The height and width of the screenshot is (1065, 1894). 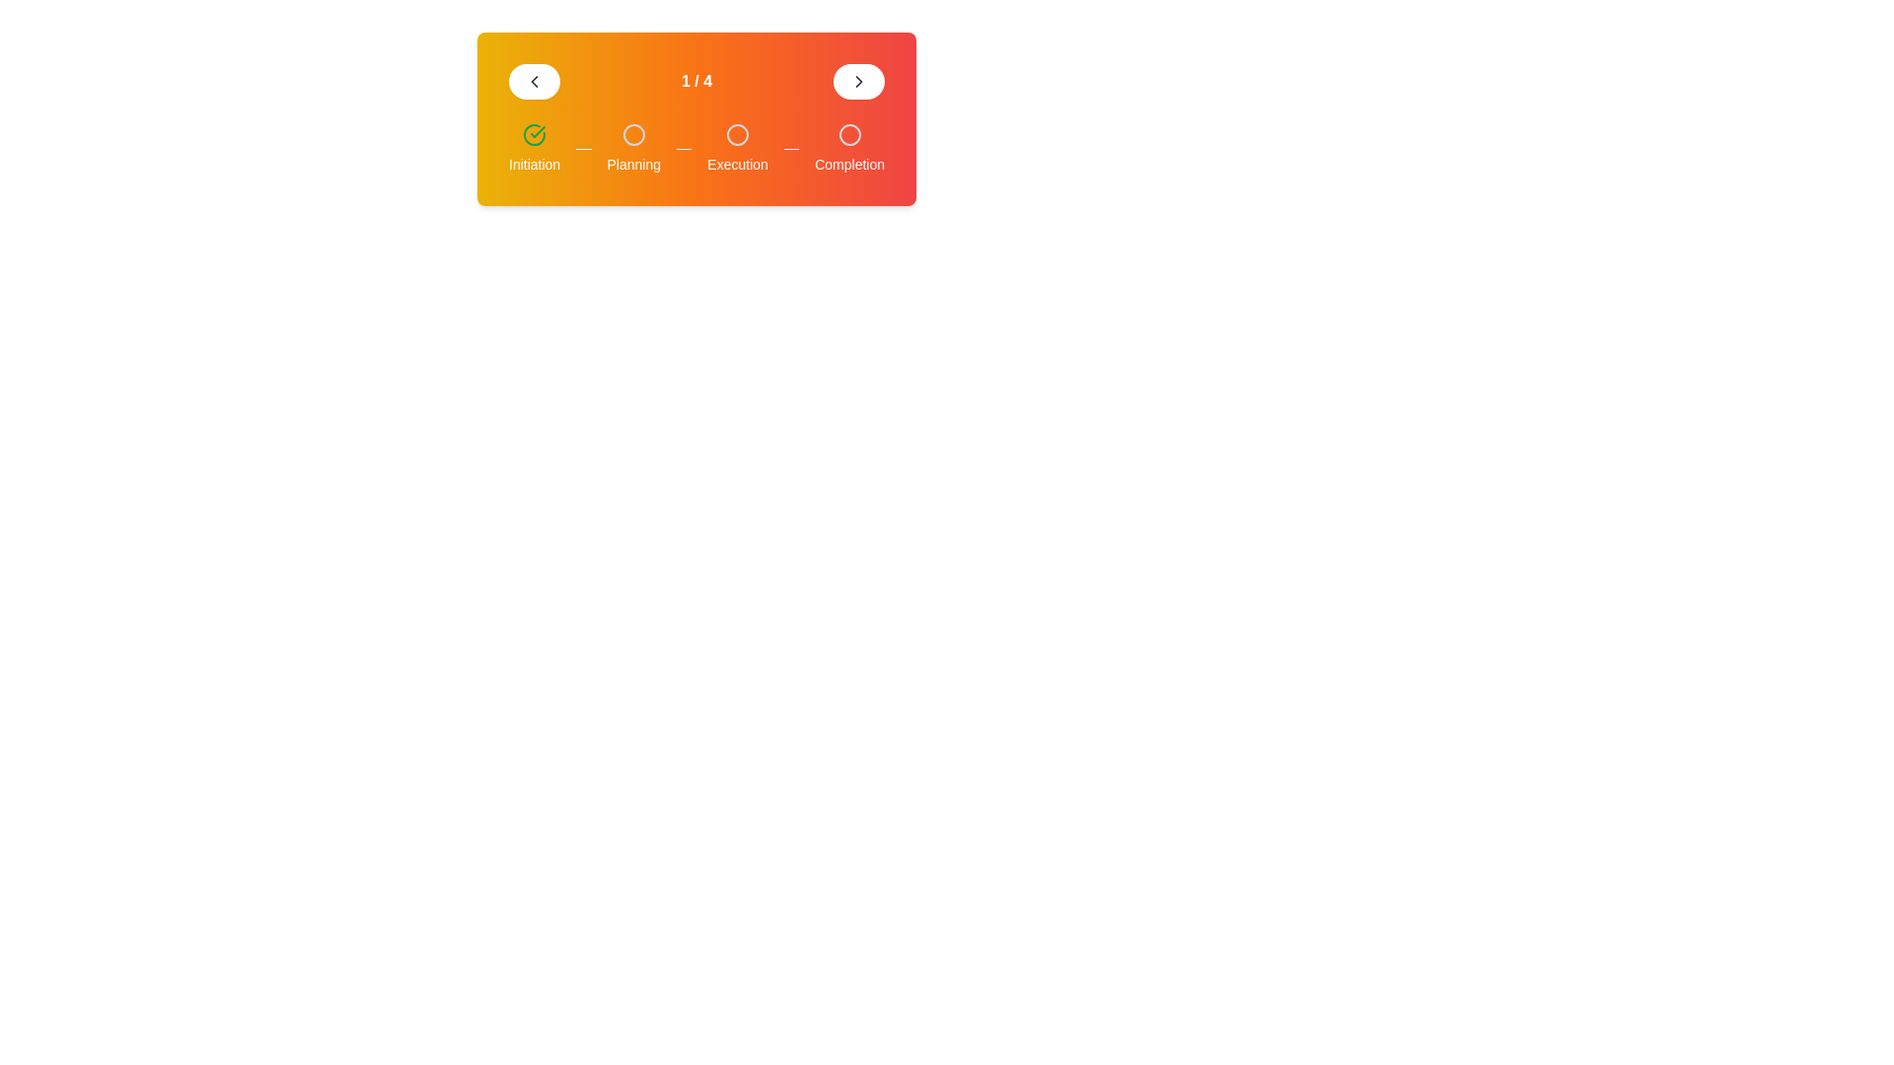 I want to click on the forward navigation icon located in the top-right corner of the horizontal navigation bar, so click(x=858, y=81).